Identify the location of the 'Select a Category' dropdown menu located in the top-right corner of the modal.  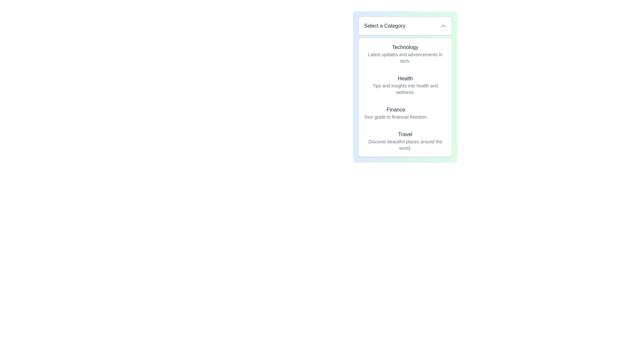
(405, 86).